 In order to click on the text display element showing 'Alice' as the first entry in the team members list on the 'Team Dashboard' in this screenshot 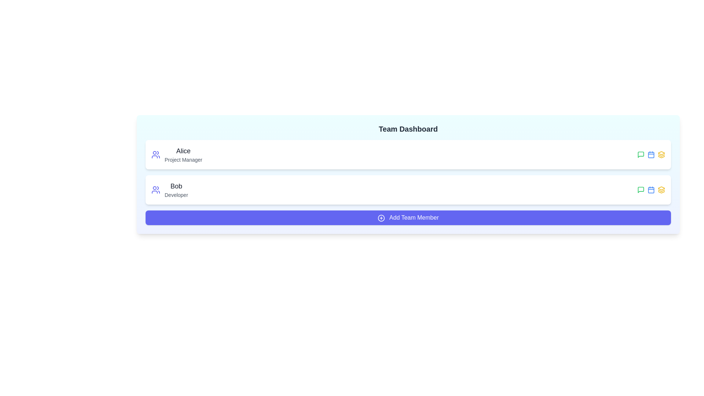, I will do `click(183, 154)`.